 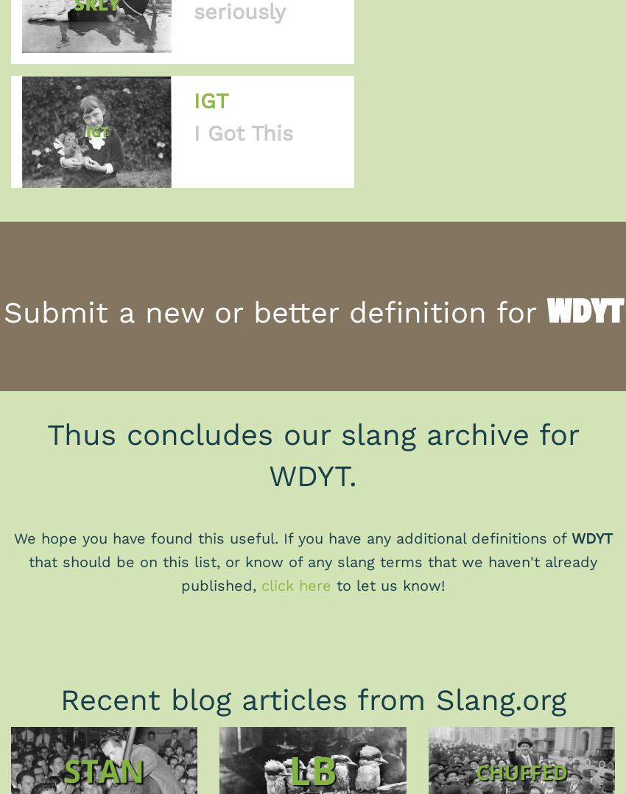 I want to click on 'Submit a new or better definition for', so click(x=273, y=312).